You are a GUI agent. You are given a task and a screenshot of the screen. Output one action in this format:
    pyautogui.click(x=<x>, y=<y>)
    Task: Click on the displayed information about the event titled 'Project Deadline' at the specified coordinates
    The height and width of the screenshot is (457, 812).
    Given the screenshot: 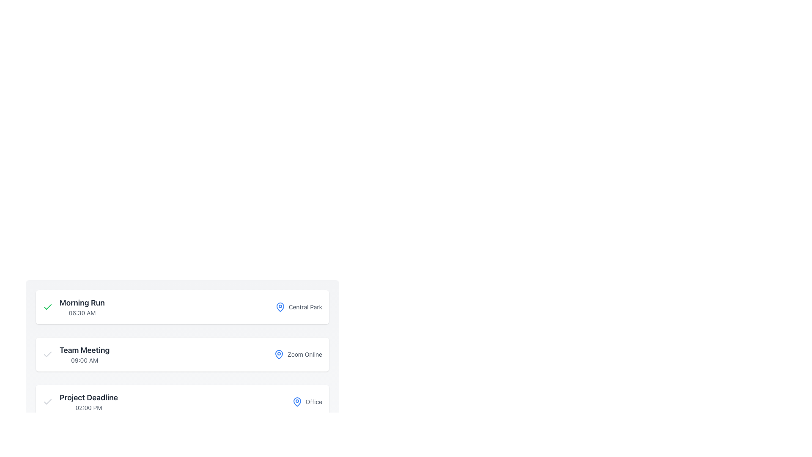 What is the action you would take?
    pyautogui.click(x=89, y=401)
    